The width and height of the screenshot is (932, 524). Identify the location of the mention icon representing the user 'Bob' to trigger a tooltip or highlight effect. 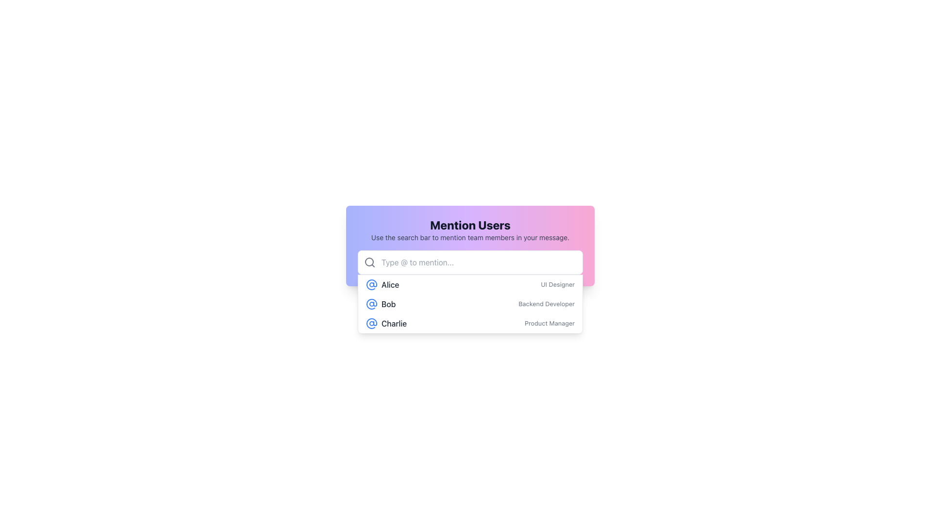
(371, 304).